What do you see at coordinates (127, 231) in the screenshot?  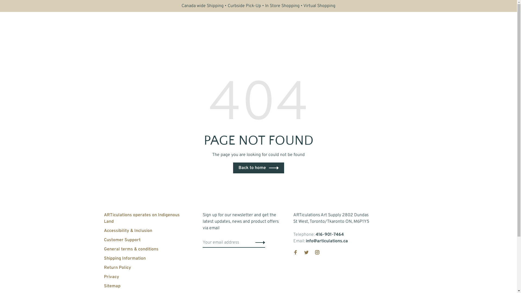 I see `'Accessibility & Inclusion'` at bounding box center [127, 231].